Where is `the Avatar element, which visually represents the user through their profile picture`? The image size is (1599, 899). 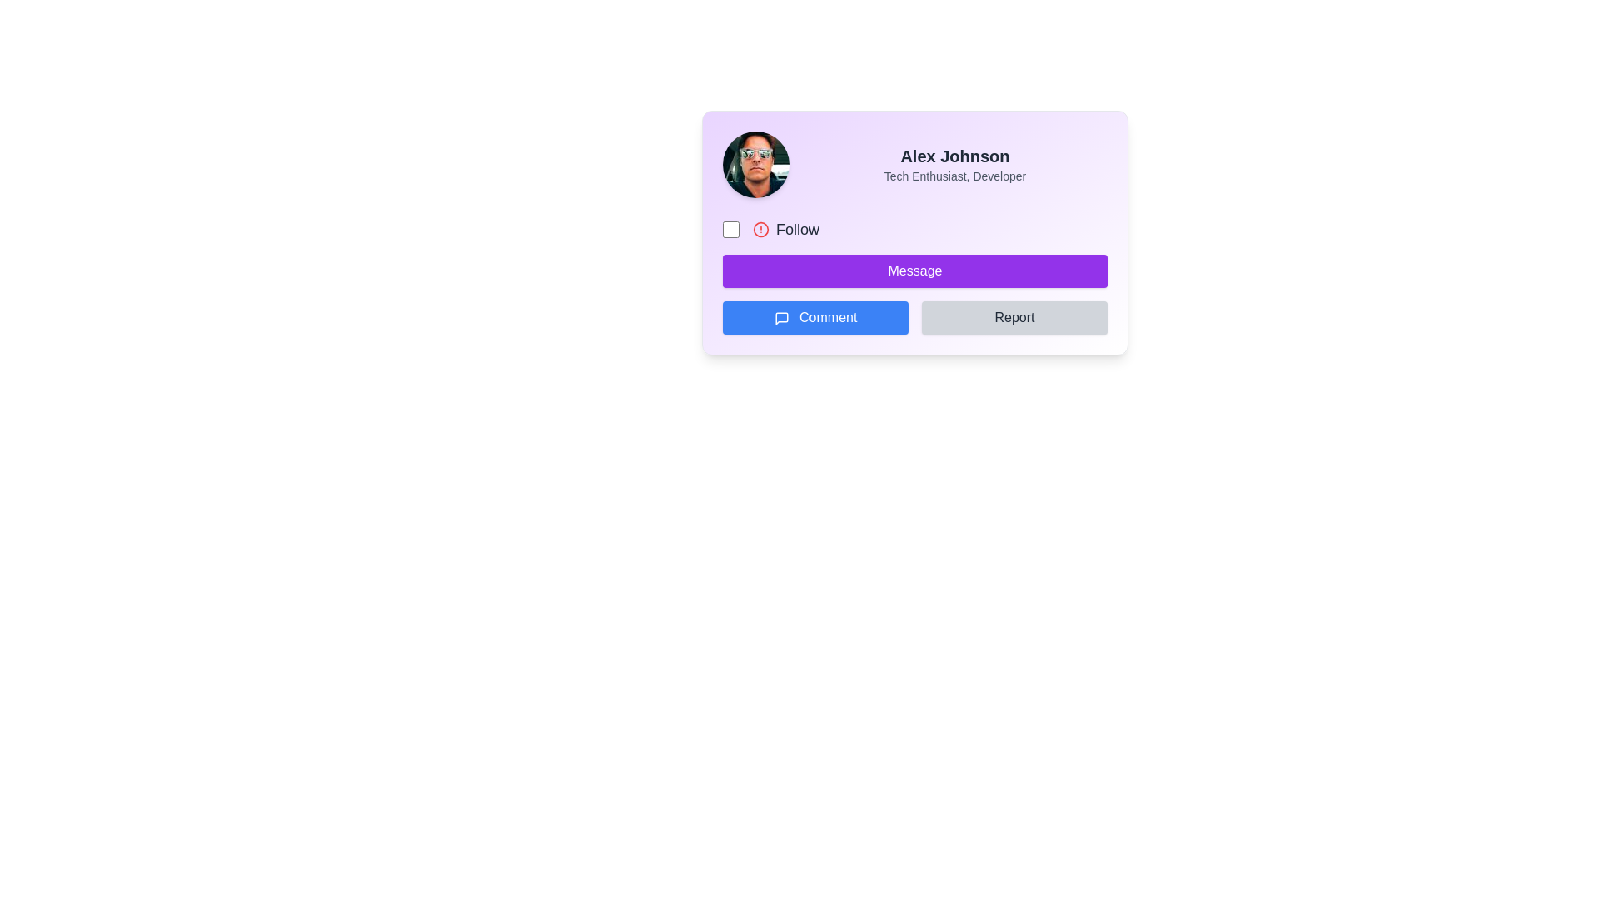
the Avatar element, which visually represents the user through their profile picture is located at coordinates (755, 164).